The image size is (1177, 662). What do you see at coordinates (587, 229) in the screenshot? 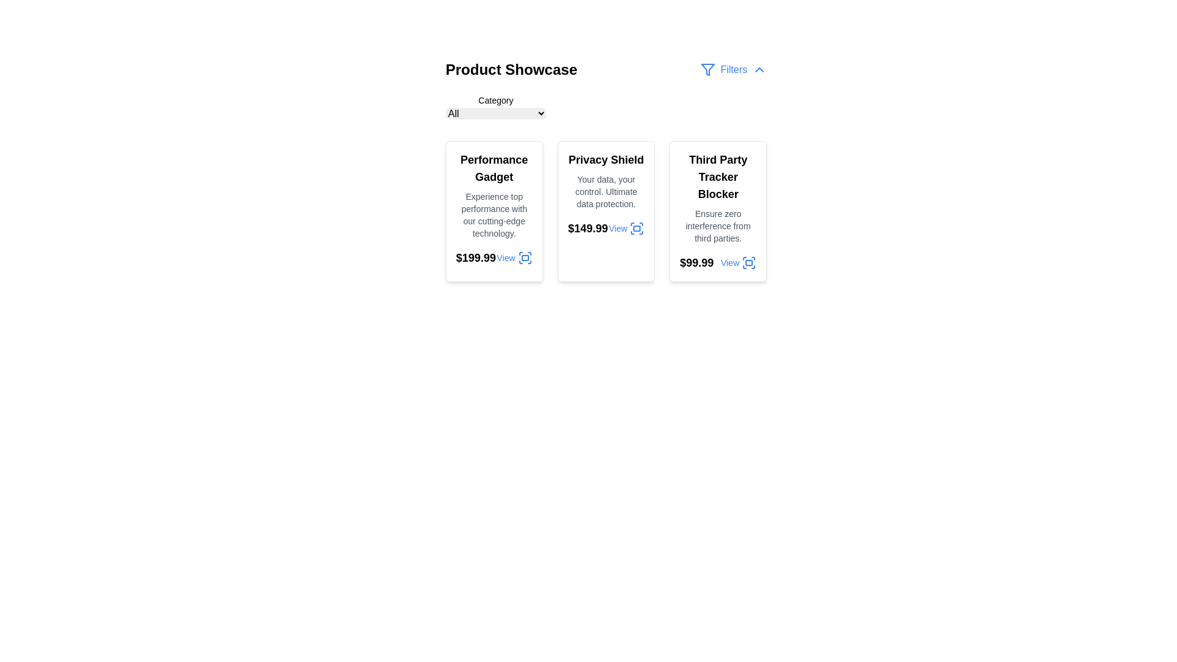
I see `value of the price displayed as '$149.99' in bold text on a white background within the product card for the 'Privacy Shield' product` at bounding box center [587, 229].